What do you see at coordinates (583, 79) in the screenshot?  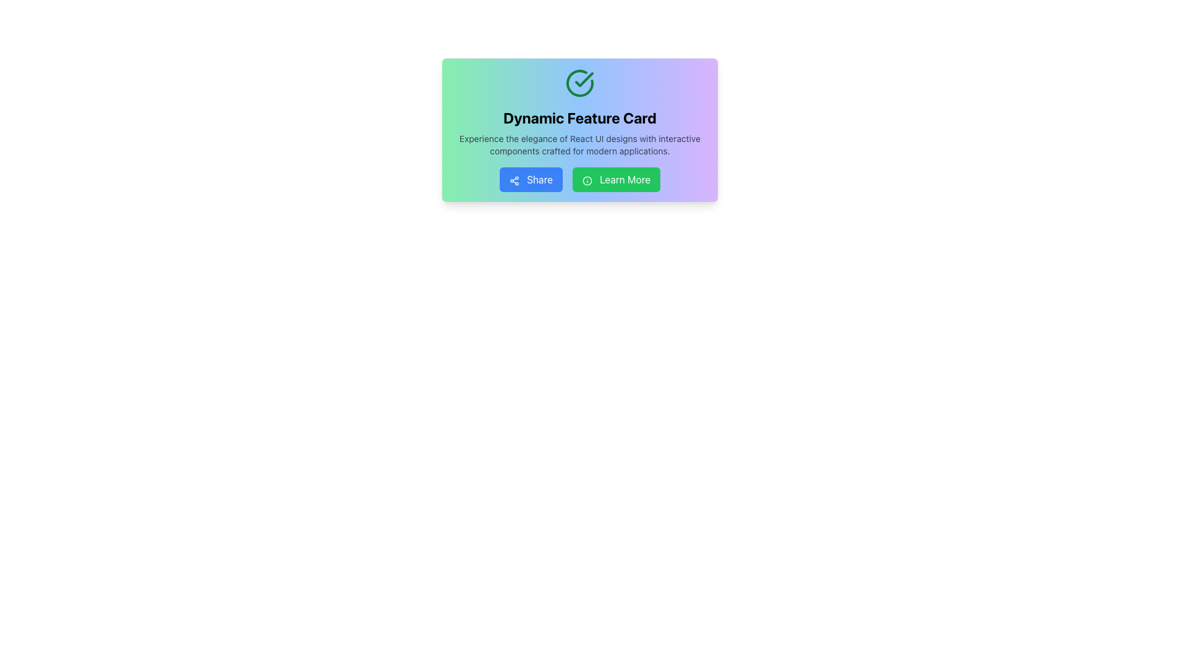 I see `the green checkmark icon located at the top center of the multi-colored card` at bounding box center [583, 79].